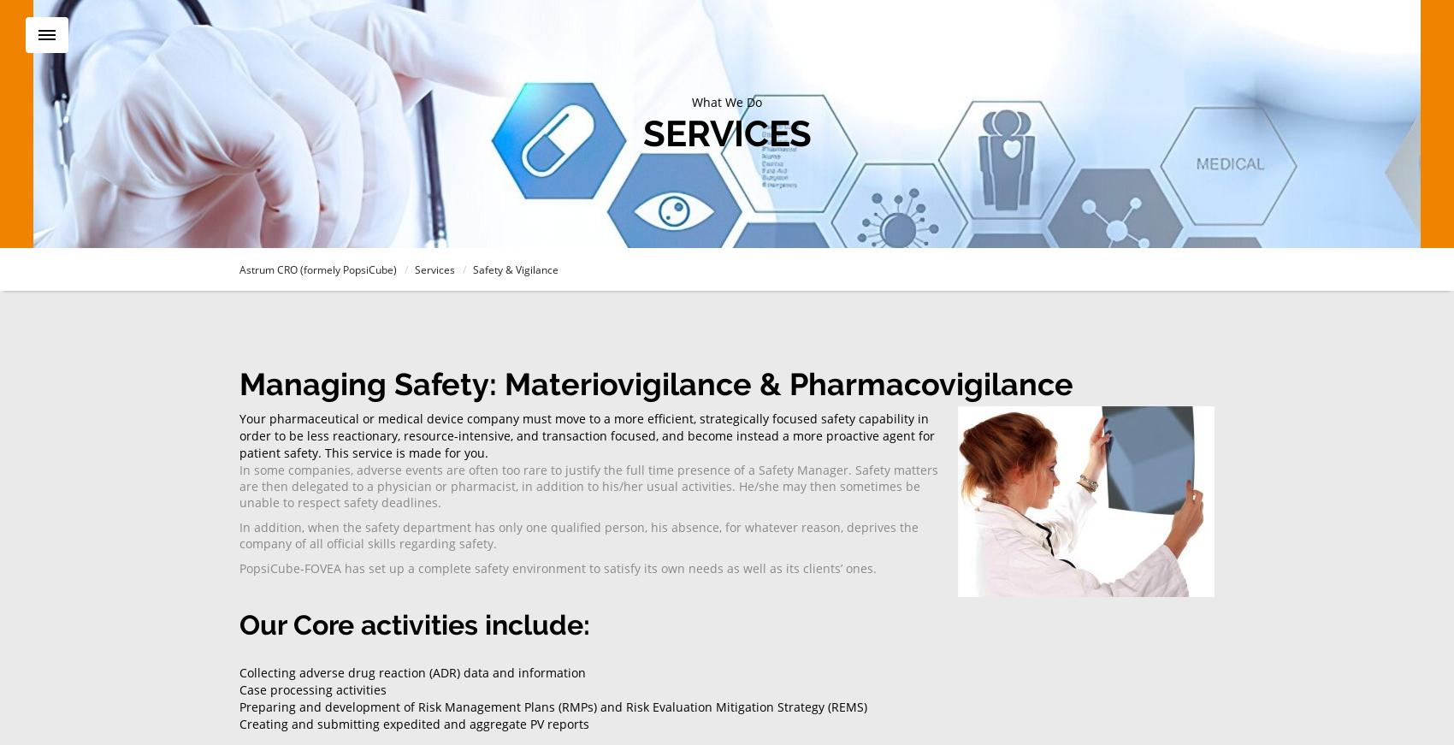 This screenshot has height=745, width=1454. Describe the element at coordinates (587, 435) in the screenshot. I see `'Your pharmaceutical or medical device company must move to a more efficient, strategically focused safety capability in order to be less reactionary, resource-intensive, and transaction focused, and become instead a more proactive agent for patient safety. This service is made for you.'` at that location.